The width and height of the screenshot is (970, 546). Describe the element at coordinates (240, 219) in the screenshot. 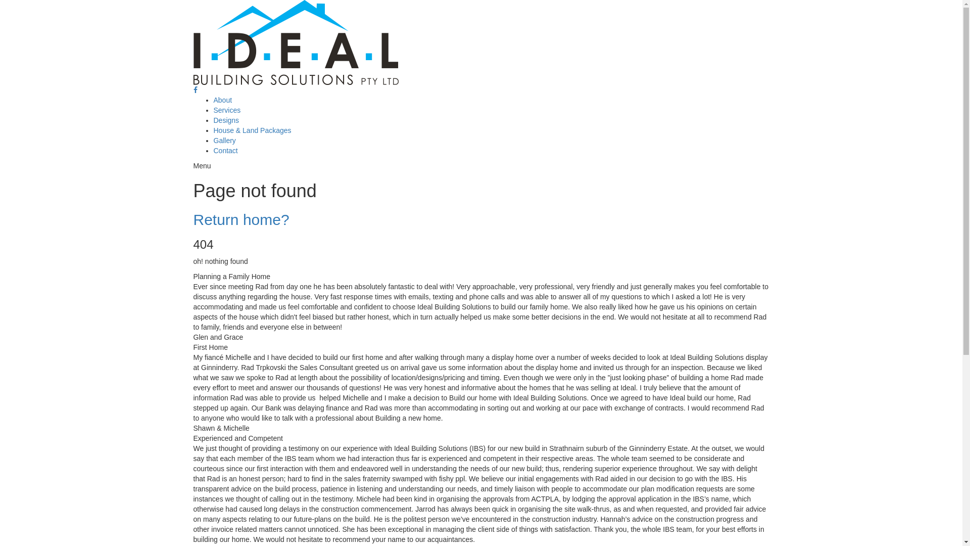

I see `'Return home?'` at that location.